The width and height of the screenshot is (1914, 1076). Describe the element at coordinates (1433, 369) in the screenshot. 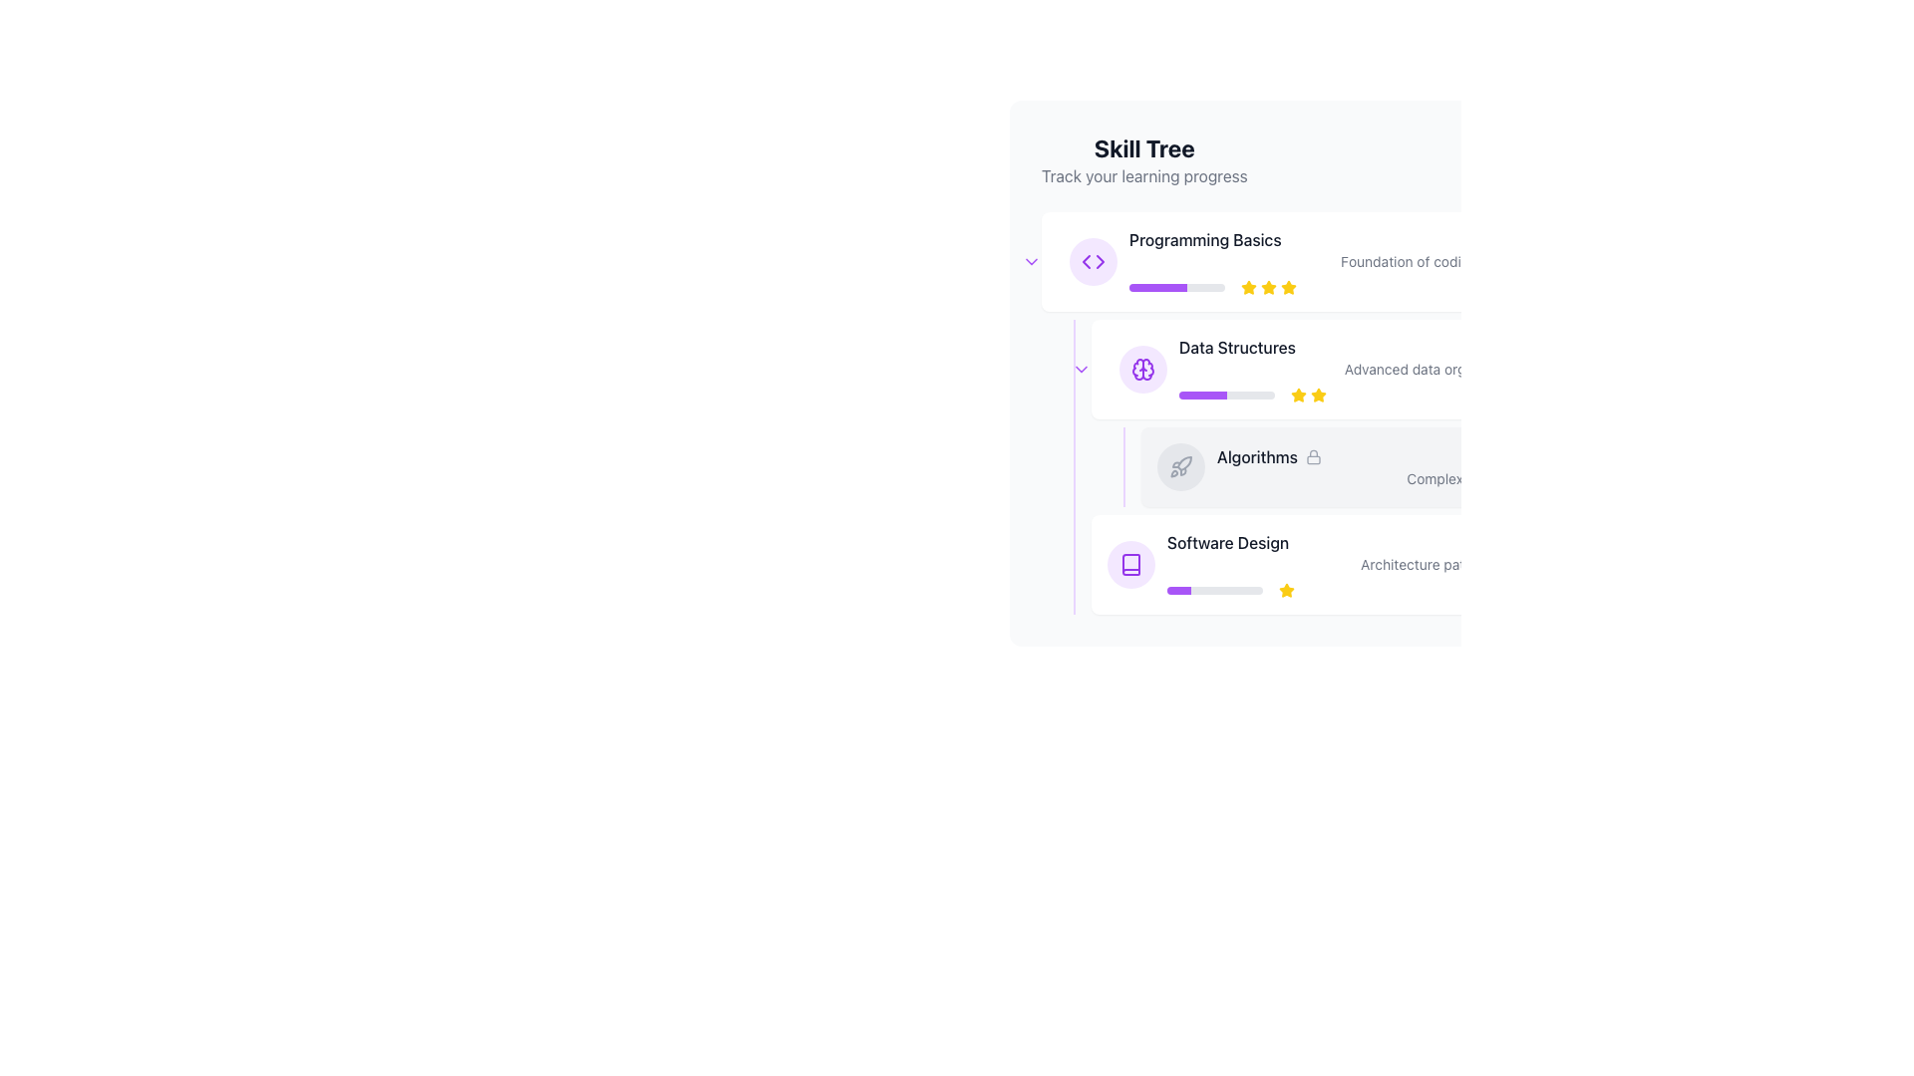

I see `the textual label component displaying the title 'Data Structures' and subtitle 'Advanced data organization'` at that location.